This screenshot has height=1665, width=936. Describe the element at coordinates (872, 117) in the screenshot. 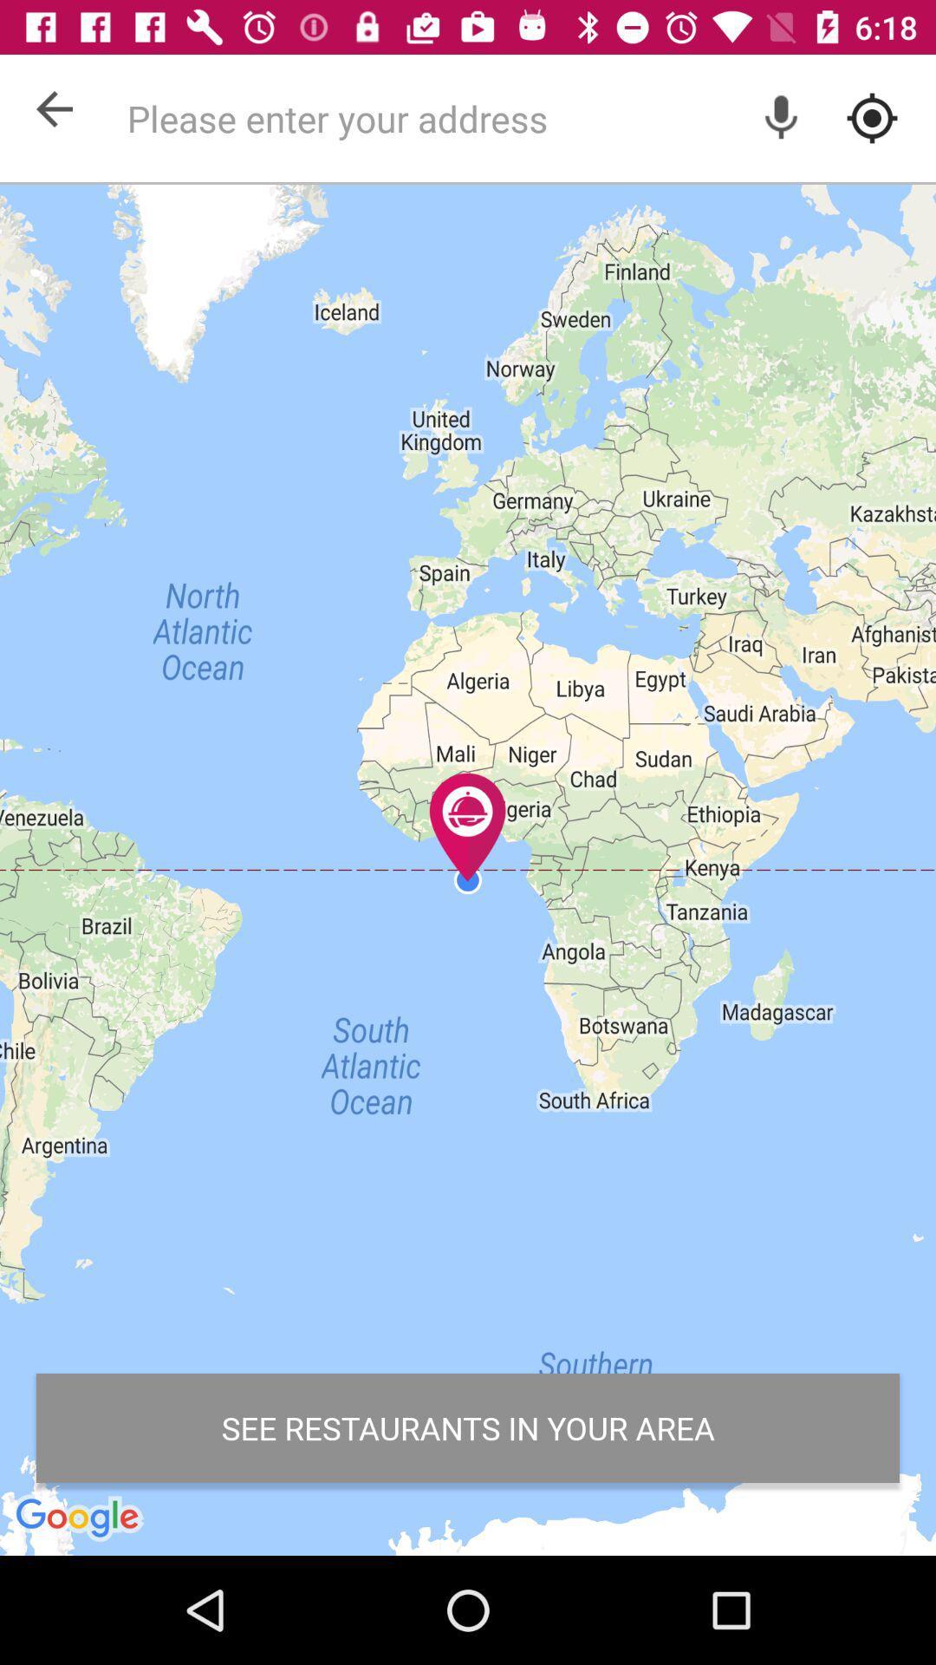

I see `the location_crosshair icon` at that location.